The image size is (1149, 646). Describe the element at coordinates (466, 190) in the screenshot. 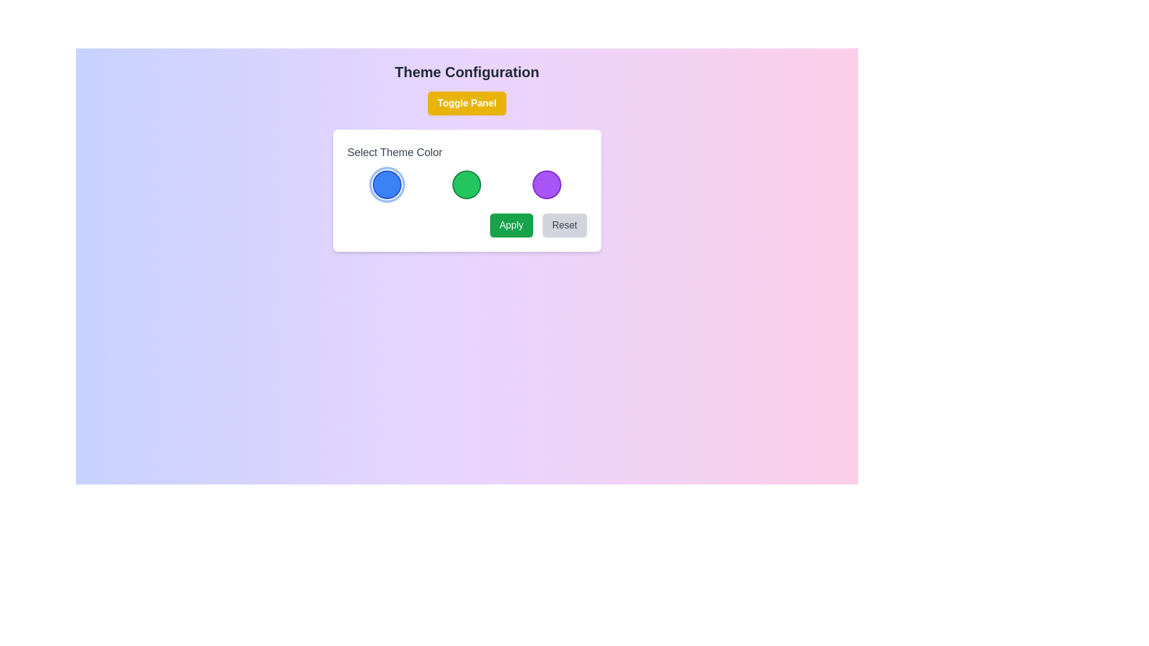

I see `the green circular button in the 'Select Theme Color' section` at that location.